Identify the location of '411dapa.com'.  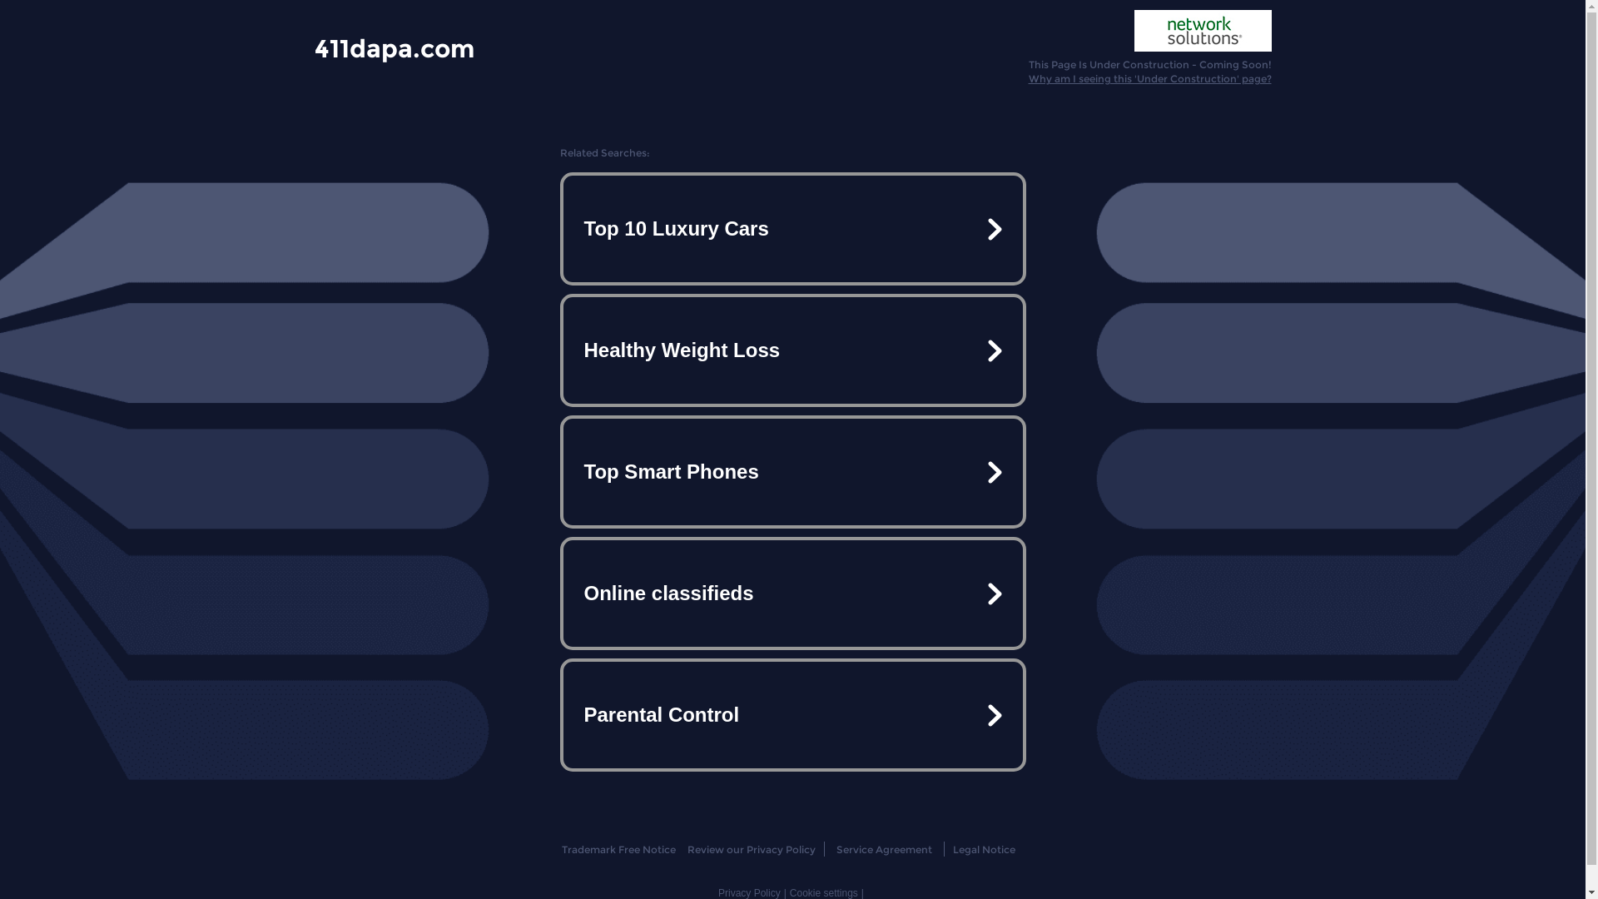
(394, 47).